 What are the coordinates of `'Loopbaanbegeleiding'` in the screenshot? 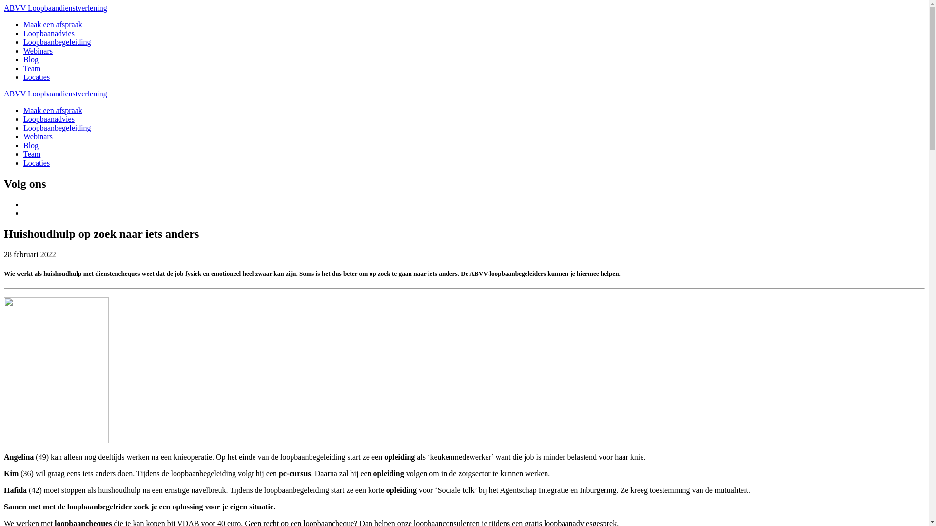 It's located at (57, 127).